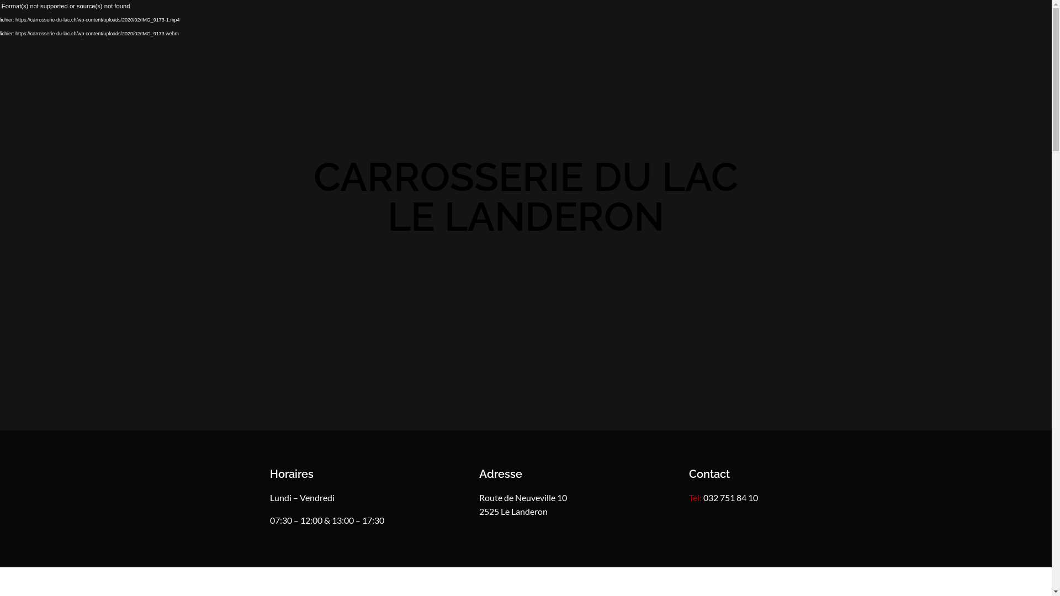  I want to click on '032 751 84 10', so click(702, 497).